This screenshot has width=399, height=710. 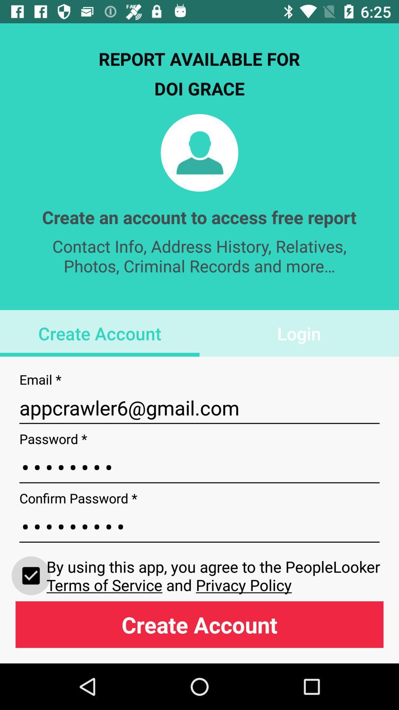 What do you see at coordinates (215, 575) in the screenshot?
I see `icon above the create account item` at bounding box center [215, 575].